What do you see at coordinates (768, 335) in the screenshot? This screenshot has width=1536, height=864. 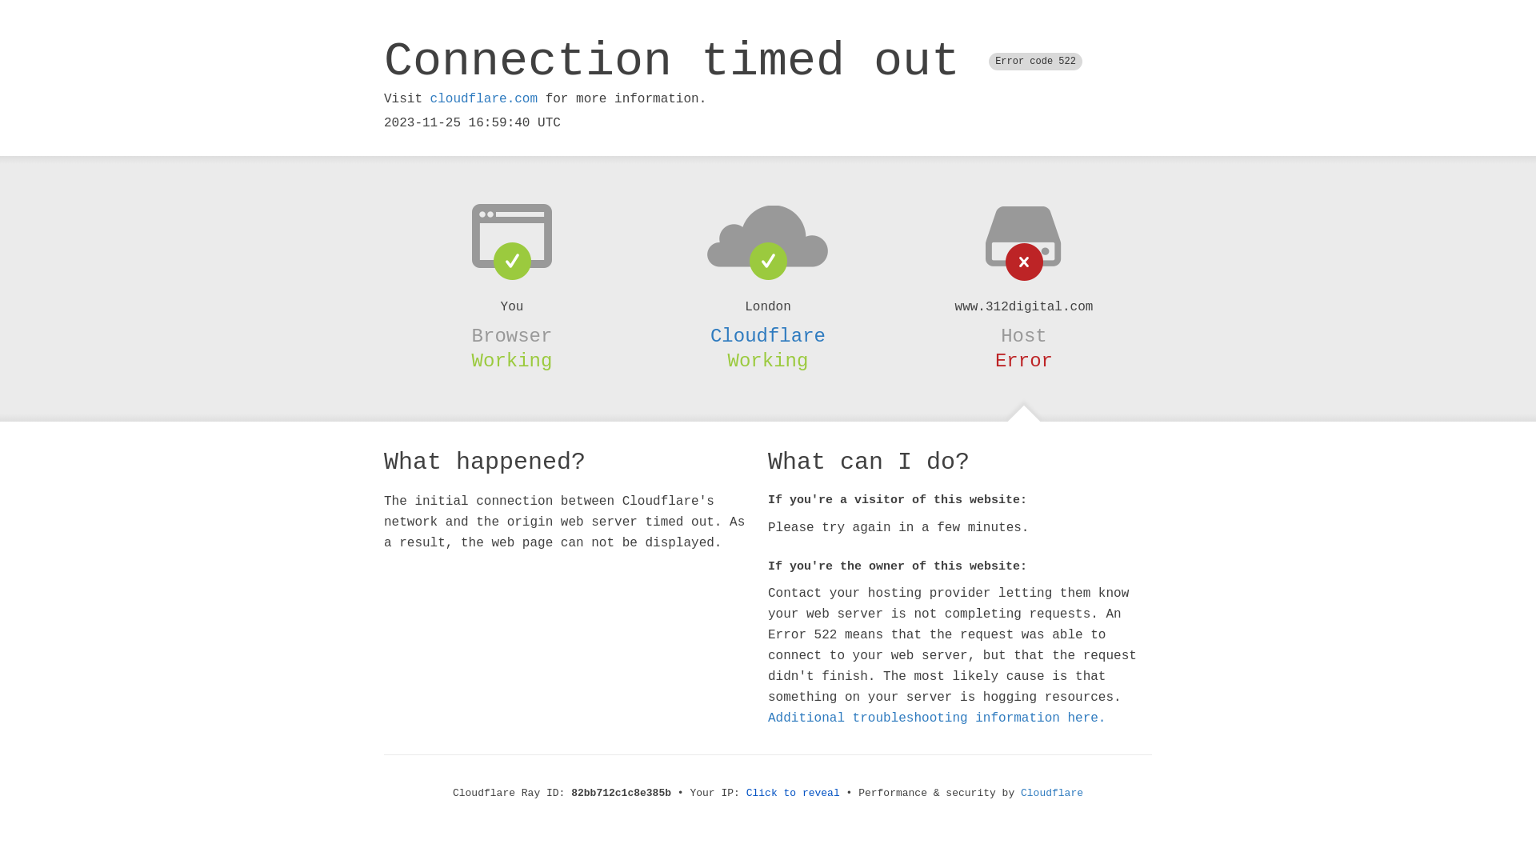 I see `'Cloudflare'` at bounding box center [768, 335].